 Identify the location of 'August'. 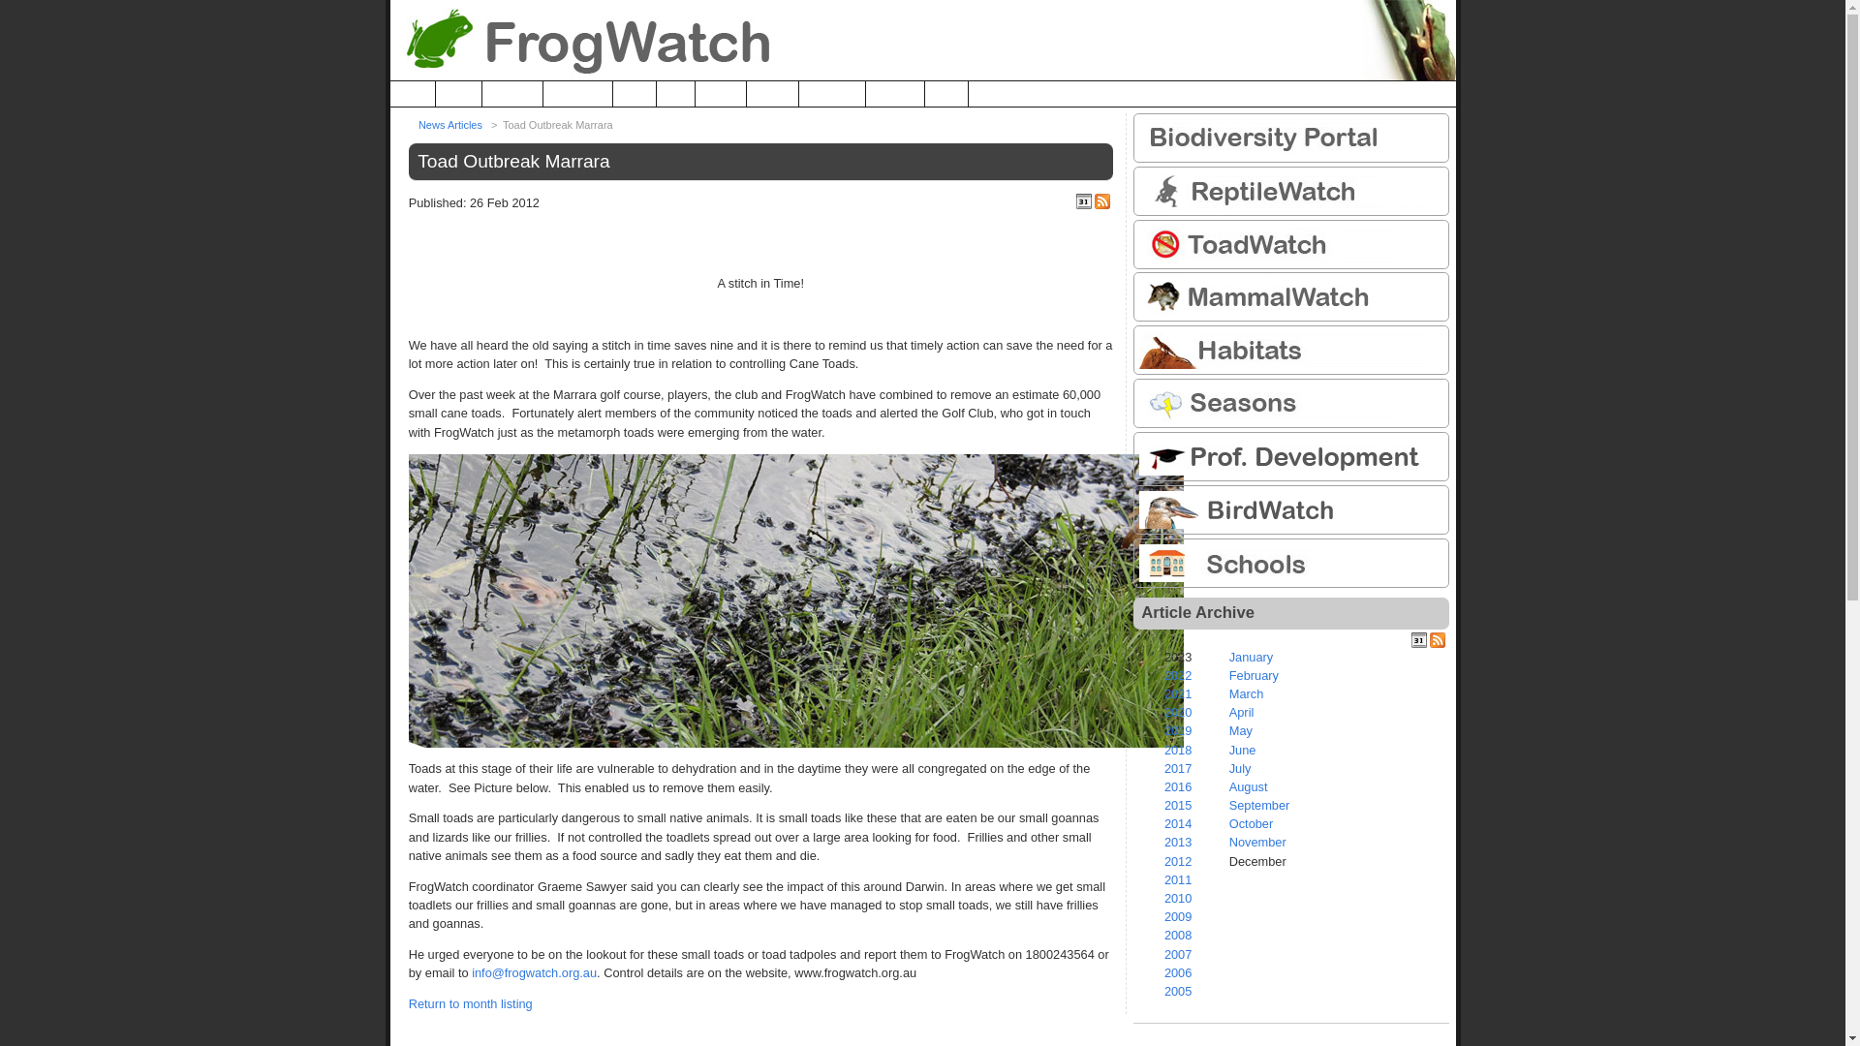
(1227, 786).